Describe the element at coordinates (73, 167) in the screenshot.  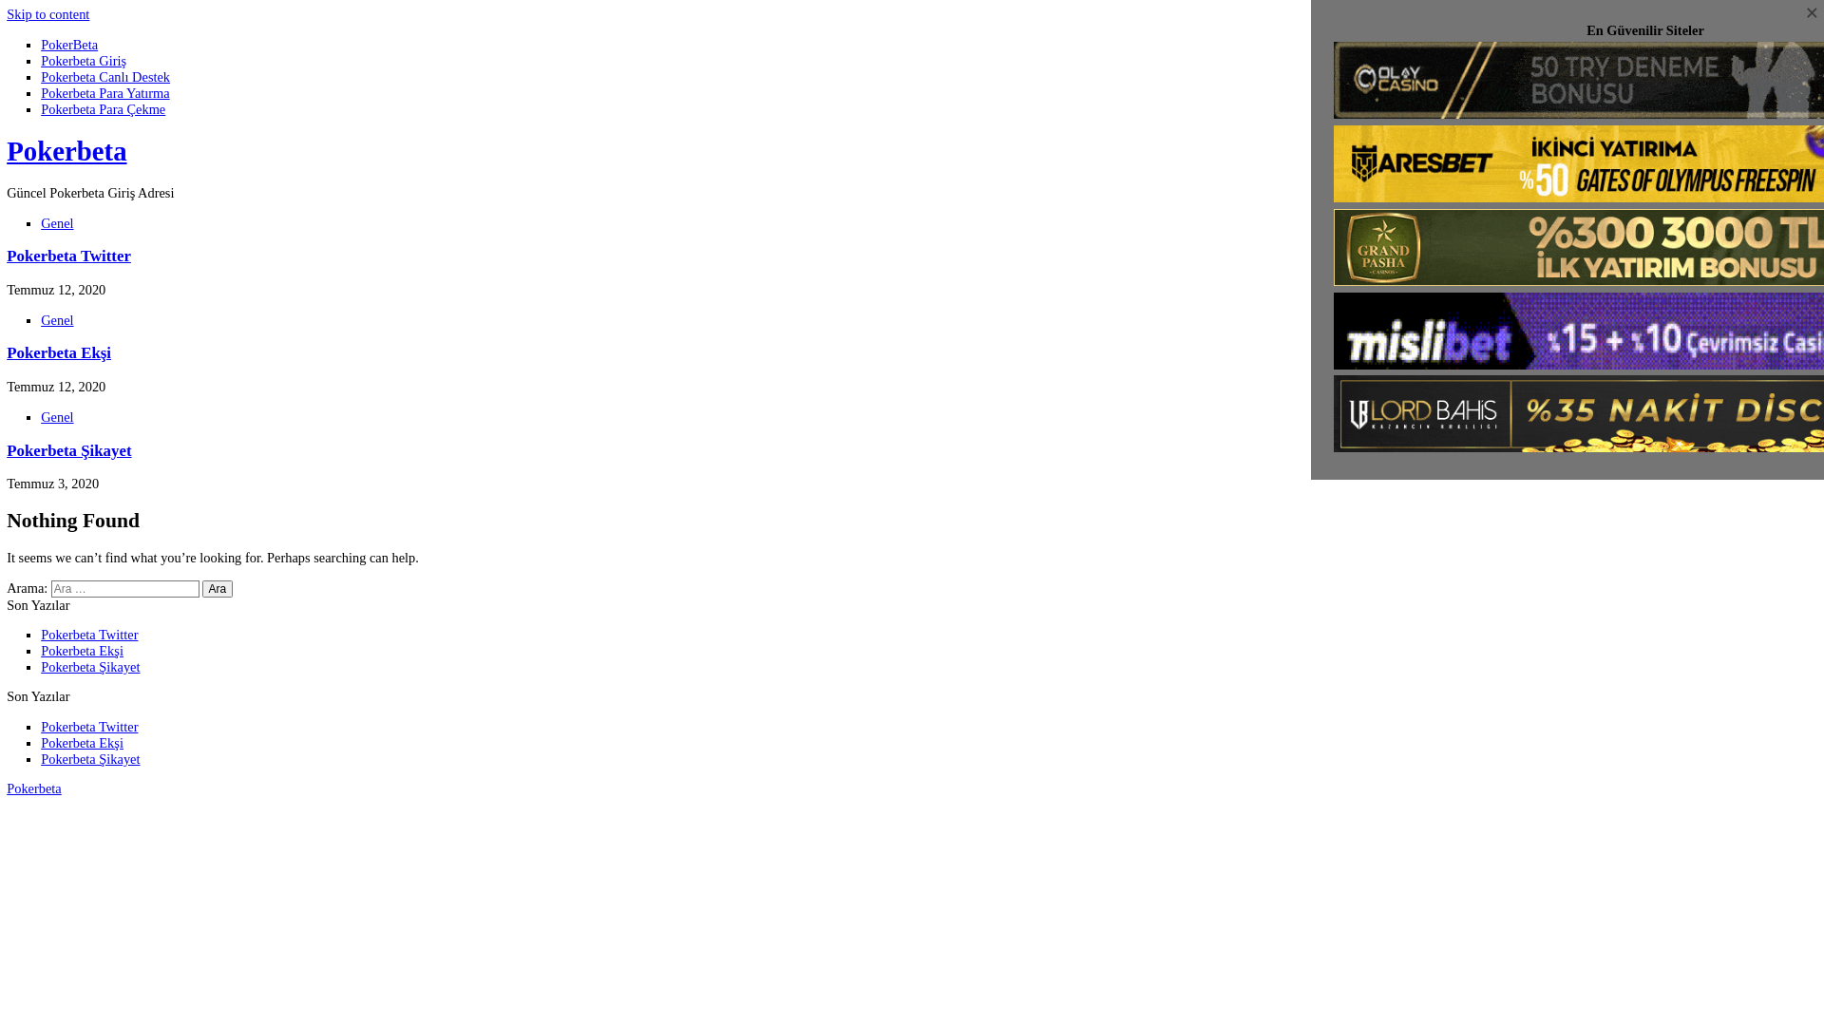
I see `'Pokerbeta'` at that location.